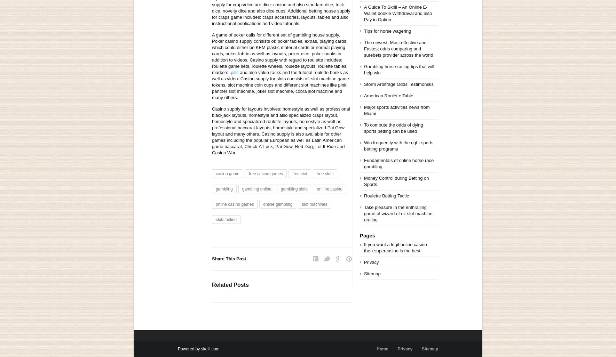  What do you see at coordinates (398, 48) in the screenshot?
I see `'The newest, Most effective and Fastest odds comparing and surebets provider across the world'` at bounding box center [398, 48].